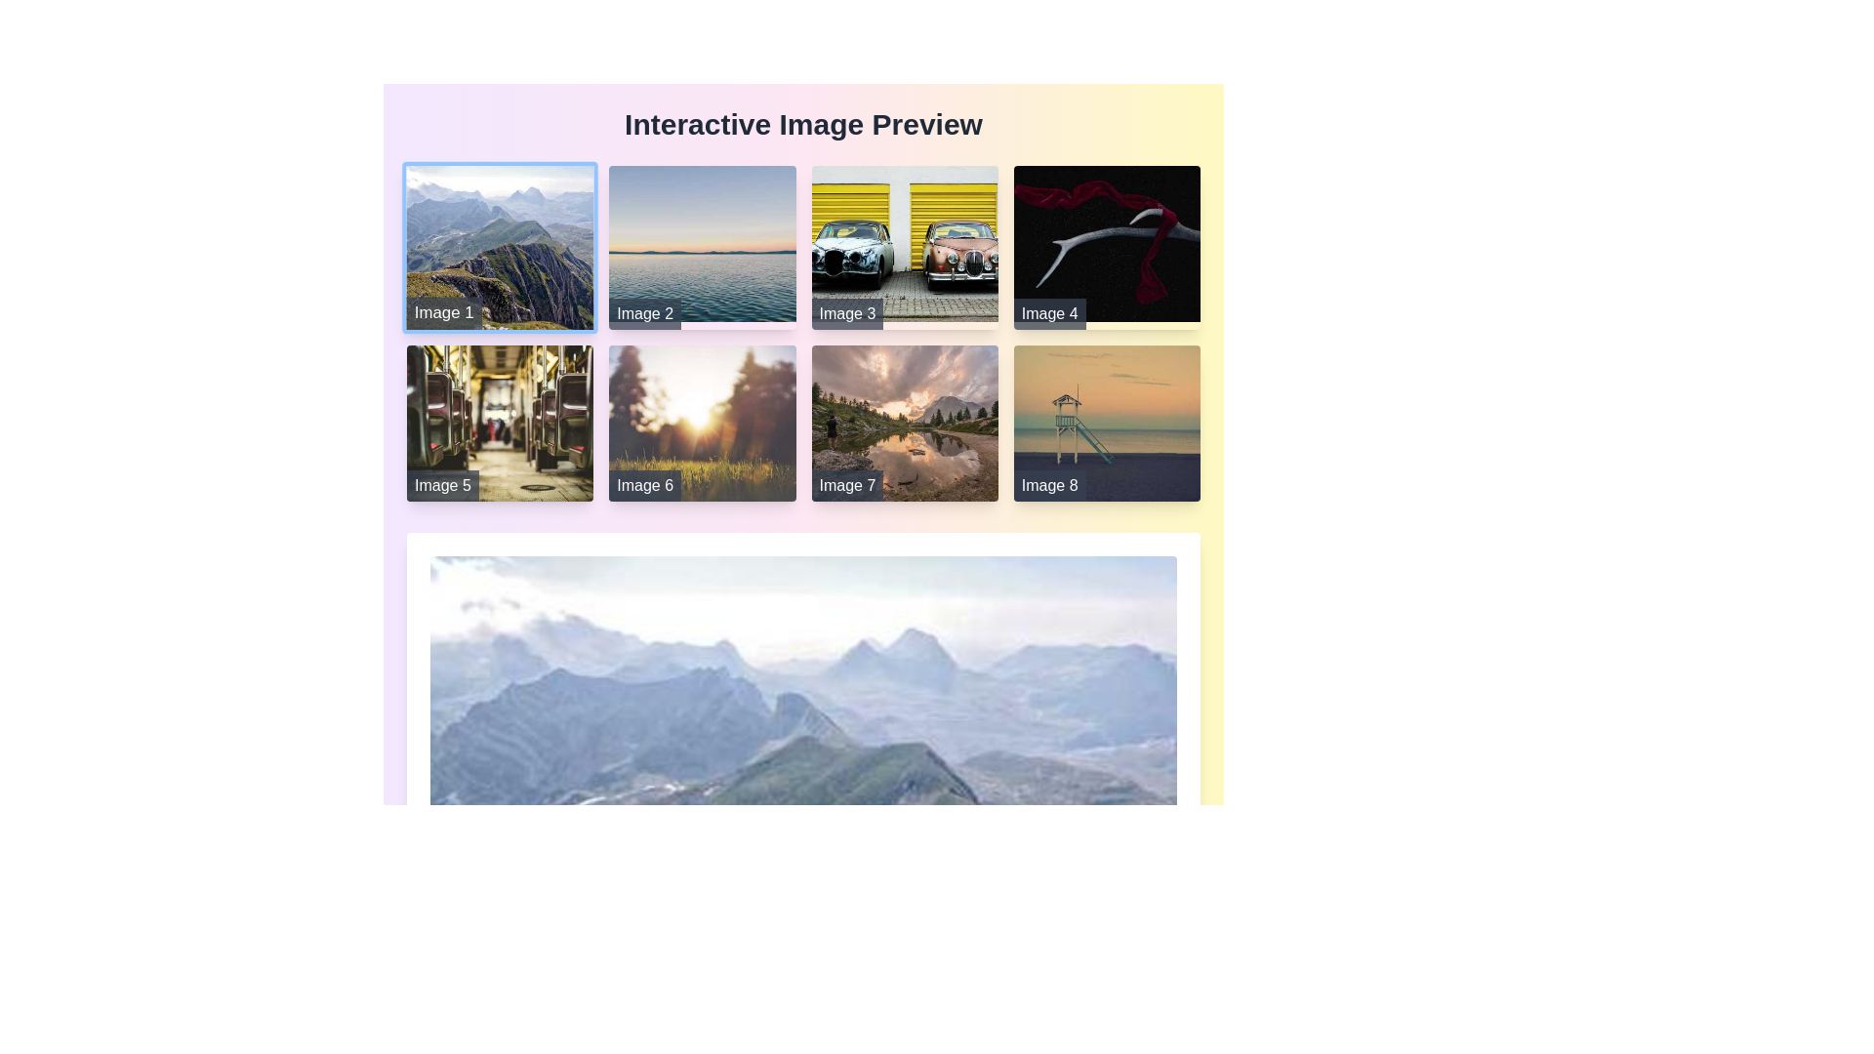 This screenshot has height=1054, width=1874. Describe the element at coordinates (441, 484) in the screenshot. I see `the text display component located at the bottom-left corner of the image thumbnail` at that location.